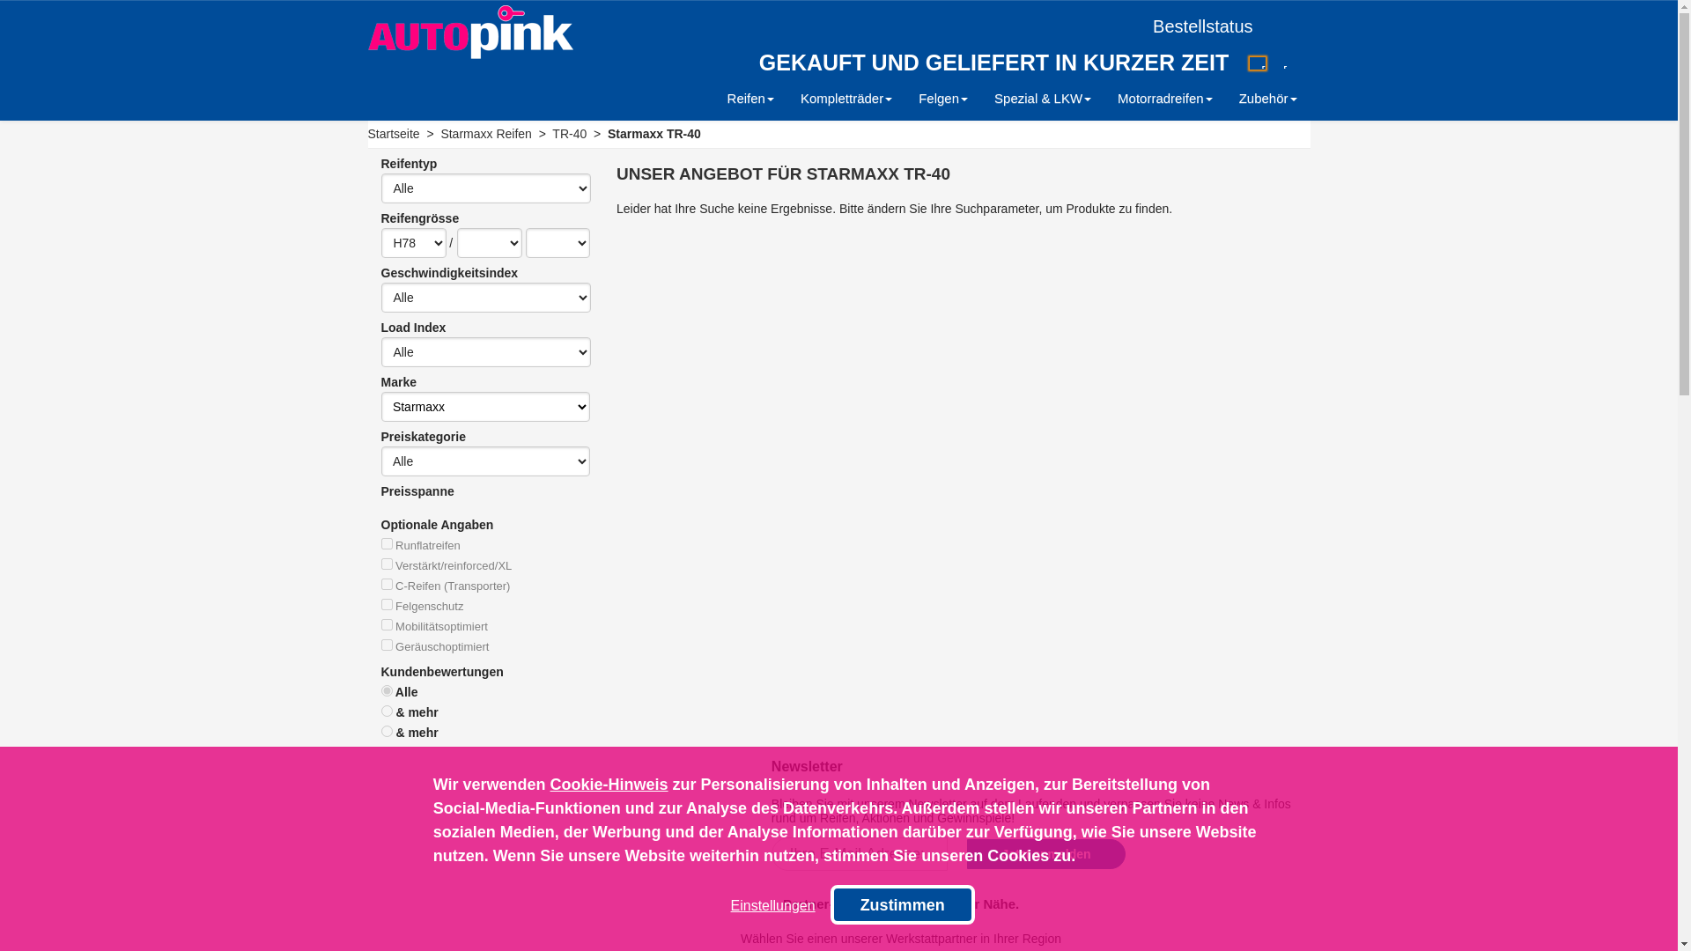  What do you see at coordinates (609, 784) in the screenshot?
I see `'Cookie-Hinweis'` at bounding box center [609, 784].